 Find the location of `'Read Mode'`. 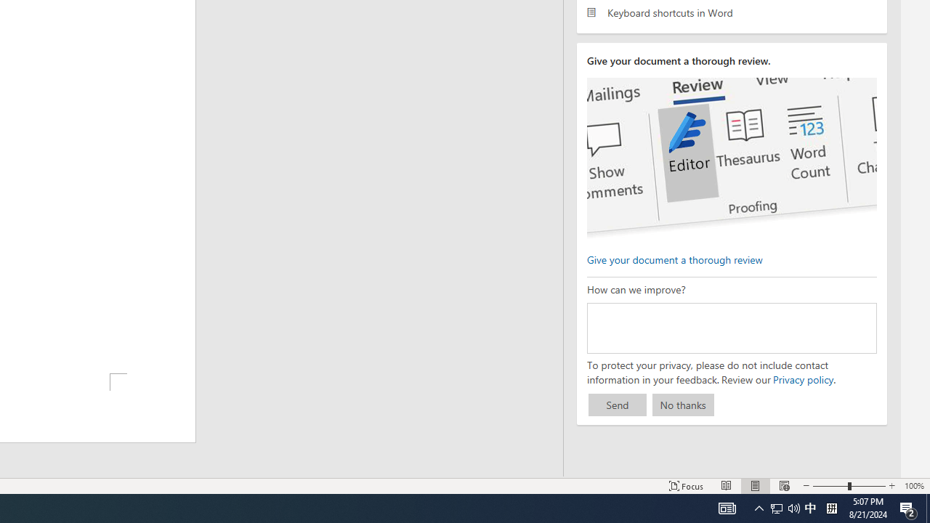

'Read Mode' is located at coordinates (727, 486).